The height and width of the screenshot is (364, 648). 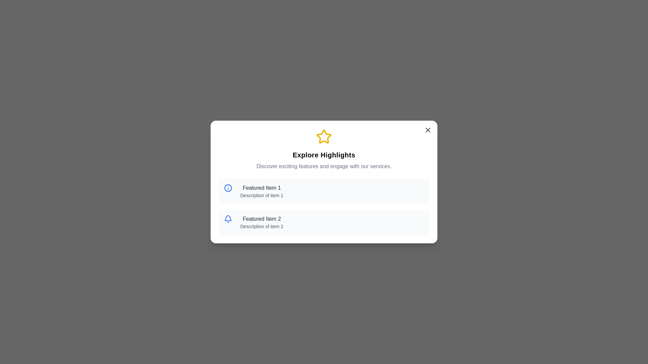 What do you see at coordinates (324, 149) in the screenshot?
I see `the highlight section containing the star icon and the text 'Explore Highlights'` at bounding box center [324, 149].